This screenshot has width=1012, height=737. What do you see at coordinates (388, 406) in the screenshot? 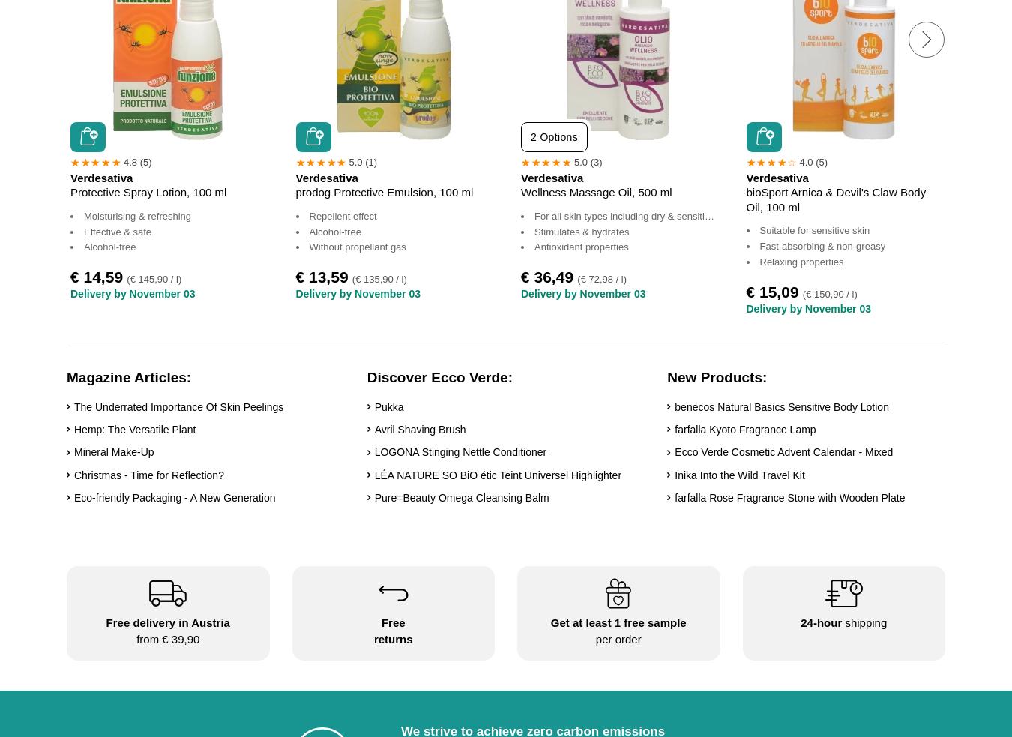
I see `'Pukka'` at bounding box center [388, 406].